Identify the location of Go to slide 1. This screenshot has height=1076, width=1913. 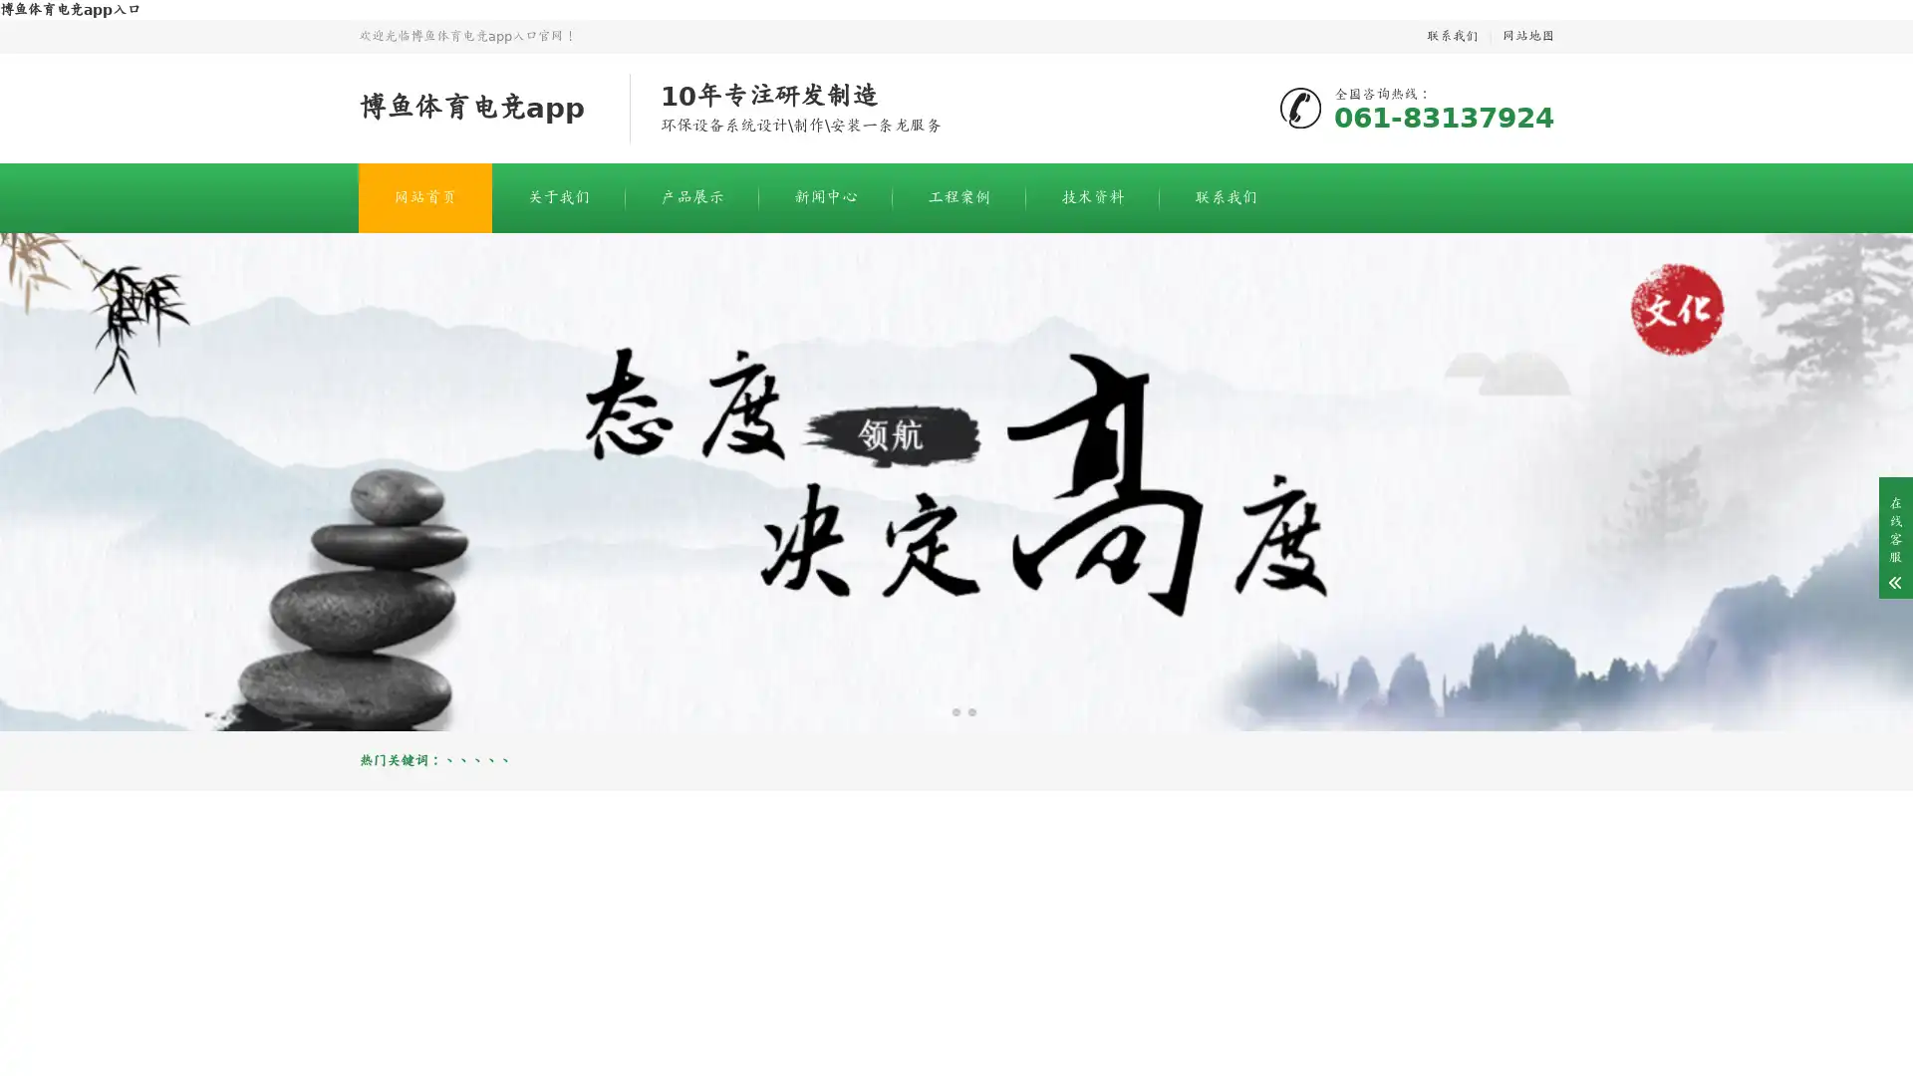
(940, 710).